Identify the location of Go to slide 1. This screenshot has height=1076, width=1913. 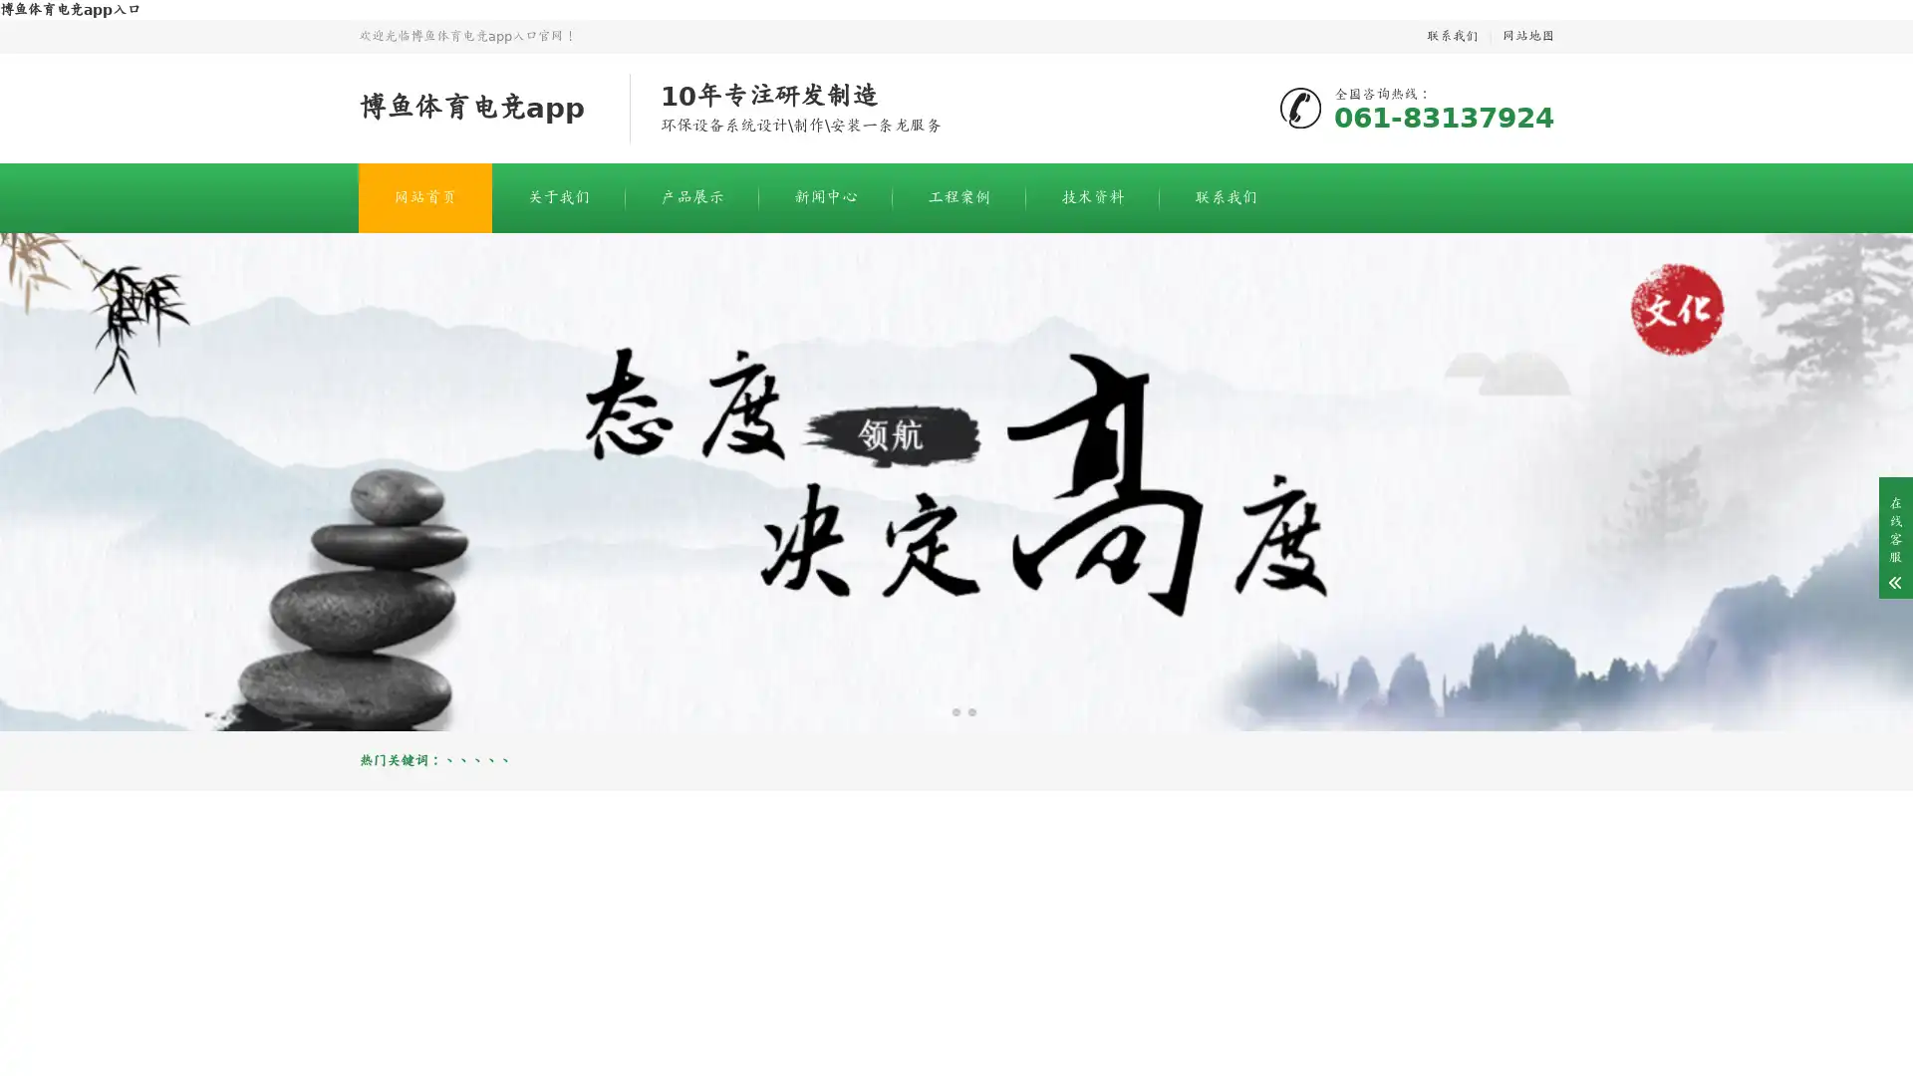
(940, 710).